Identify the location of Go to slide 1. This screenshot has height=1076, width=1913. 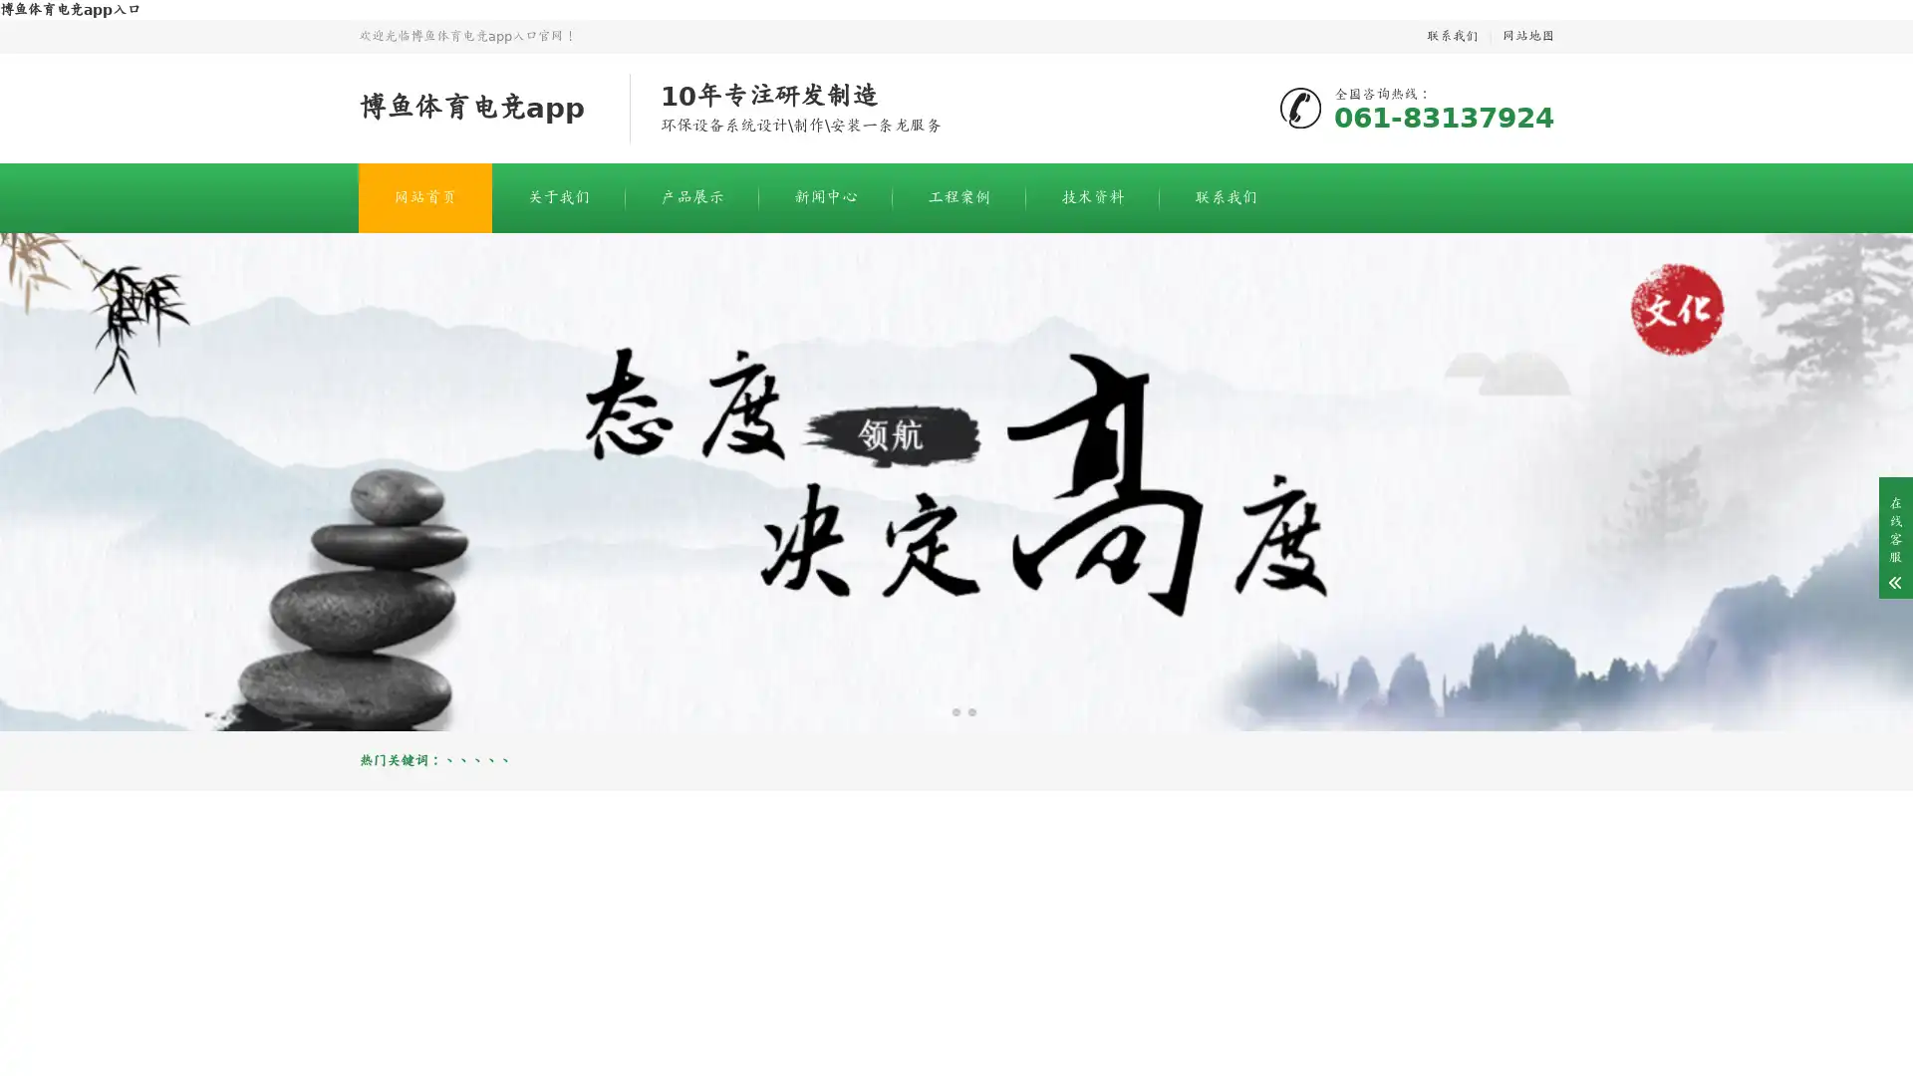
(940, 710).